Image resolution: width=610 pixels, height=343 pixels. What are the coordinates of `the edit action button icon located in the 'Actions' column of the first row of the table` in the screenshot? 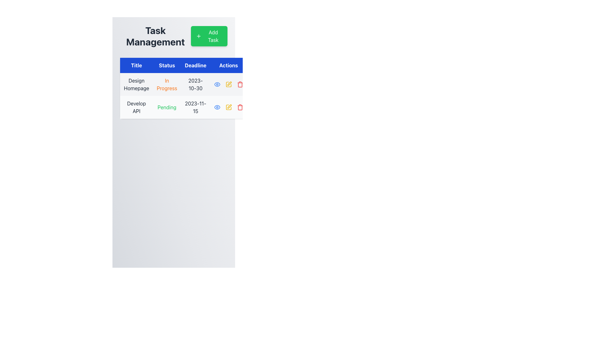 It's located at (228, 84).